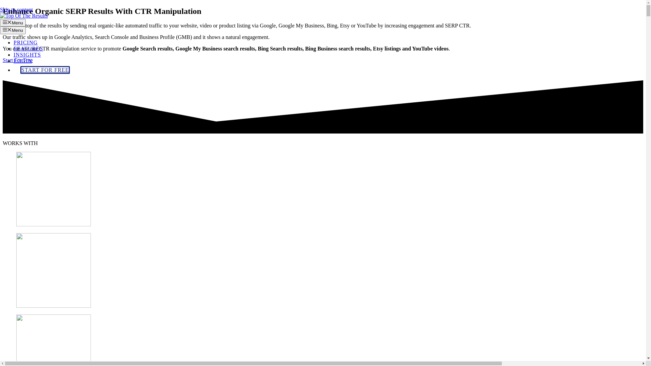  Describe the element at coordinates (28, 48) in the screenshot. I see `'FEATURES'` at that location.